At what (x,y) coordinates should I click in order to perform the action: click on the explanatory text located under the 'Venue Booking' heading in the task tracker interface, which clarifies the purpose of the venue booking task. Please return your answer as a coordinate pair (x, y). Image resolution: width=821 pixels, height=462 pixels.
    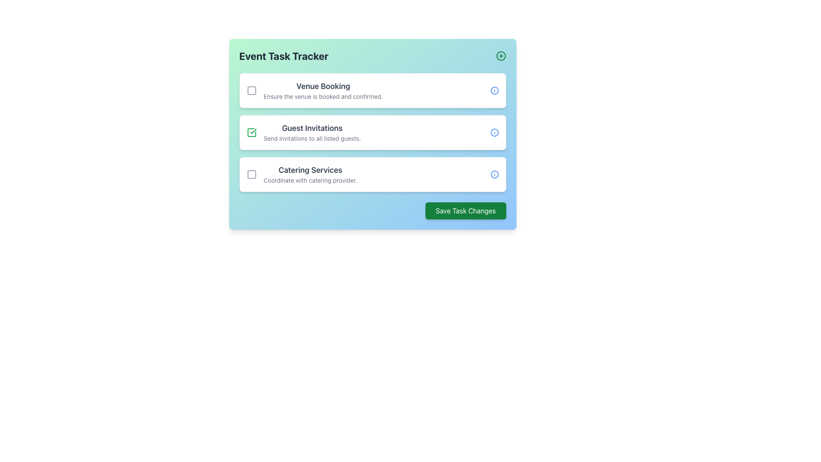
    Looking at the image, I should click on (323, 96).